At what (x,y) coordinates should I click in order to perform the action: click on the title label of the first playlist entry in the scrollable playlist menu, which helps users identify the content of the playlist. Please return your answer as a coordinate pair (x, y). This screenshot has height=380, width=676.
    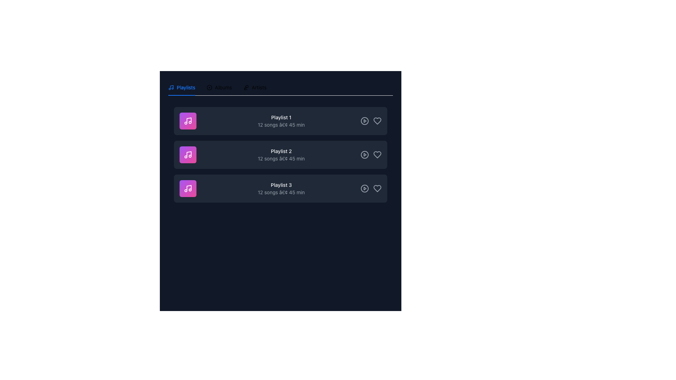
    Looking at the image, I should click on (281, 117).